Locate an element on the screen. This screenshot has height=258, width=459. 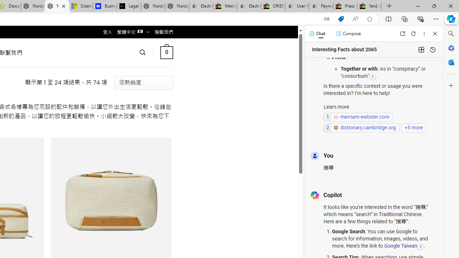
'Compose' is located at coordinates (348, 33).